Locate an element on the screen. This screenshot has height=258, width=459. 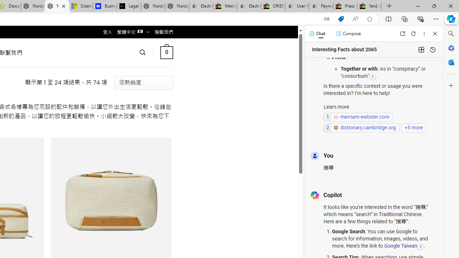
'Compose' is located at coordinates (348, 33).